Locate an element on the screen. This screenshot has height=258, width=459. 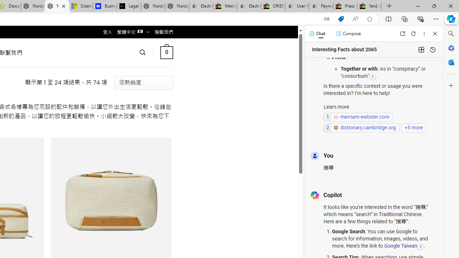
'Compose' is located at coordinates (348, 33).